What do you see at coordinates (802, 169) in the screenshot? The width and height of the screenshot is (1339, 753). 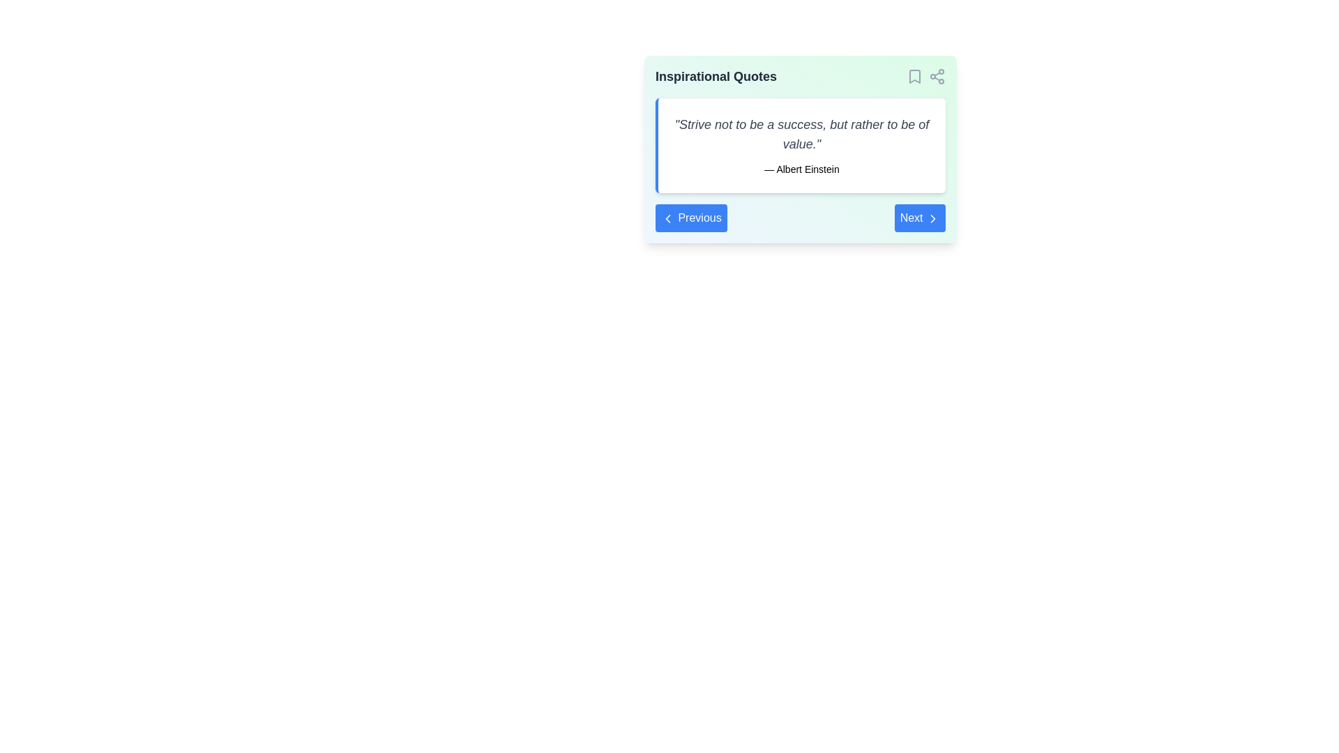 I see `the Text Label element displaying 'Albert Einstein' at the bottom-right of the quotation box` at bounding box center [802, 169].